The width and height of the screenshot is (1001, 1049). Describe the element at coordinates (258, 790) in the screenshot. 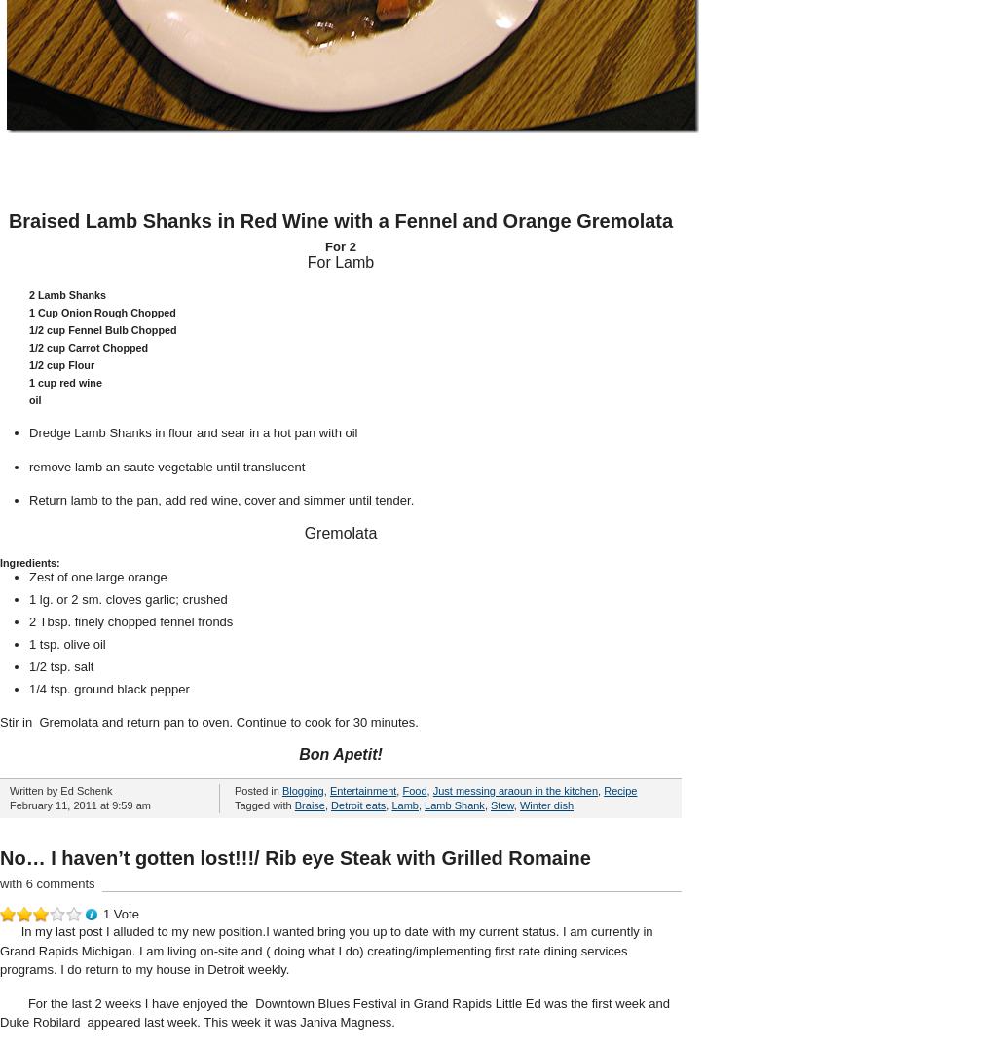

I see `'Posted in'` at that location.